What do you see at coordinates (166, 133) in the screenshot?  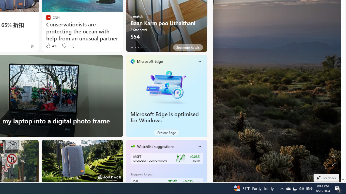 I see `'Explore Edge'` at bounding box center [166, 133].